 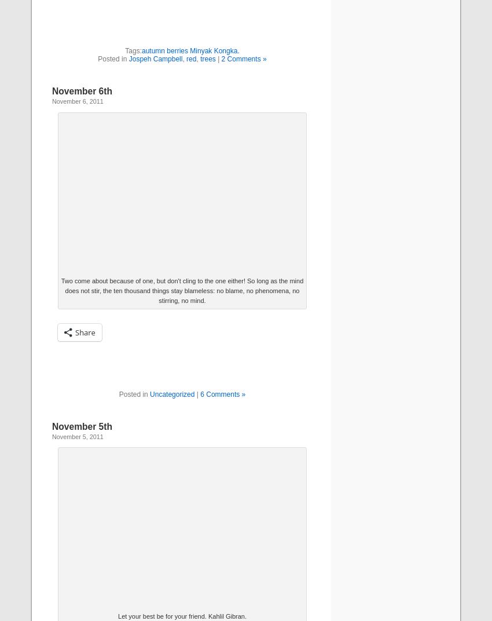 What do you see at coordinates (186, 59) in the screenshot?
I see `'red'` at bounding box center [186, 59].